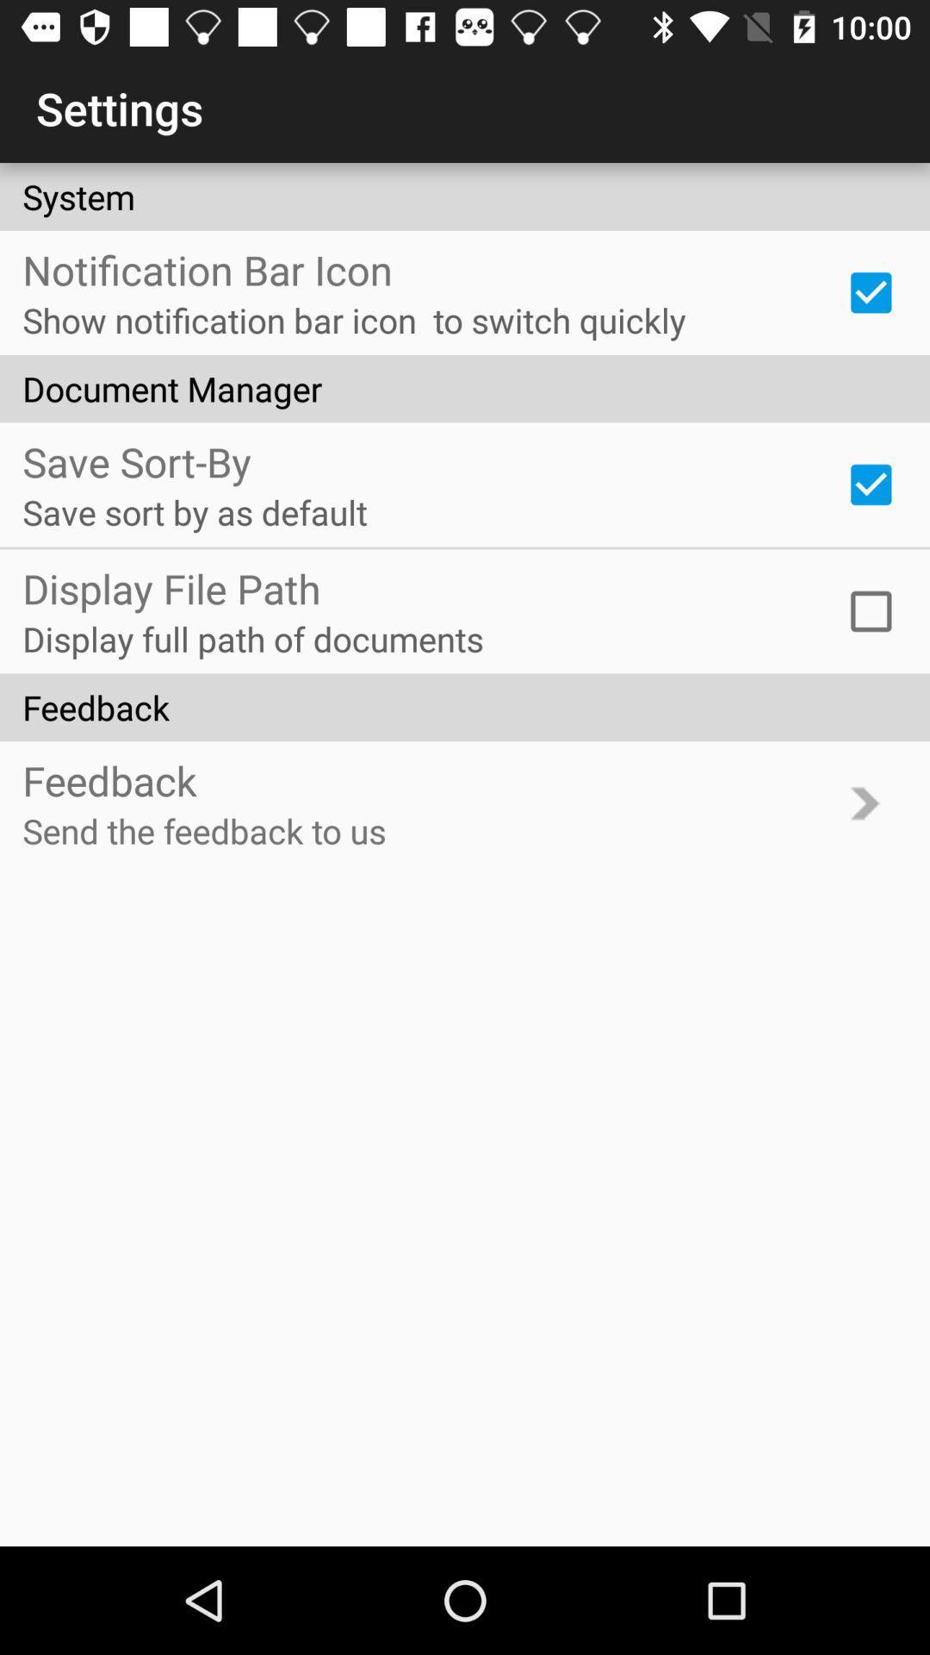 The image size is (930, 1655). I want to click on the item below system, so click(871, 292).